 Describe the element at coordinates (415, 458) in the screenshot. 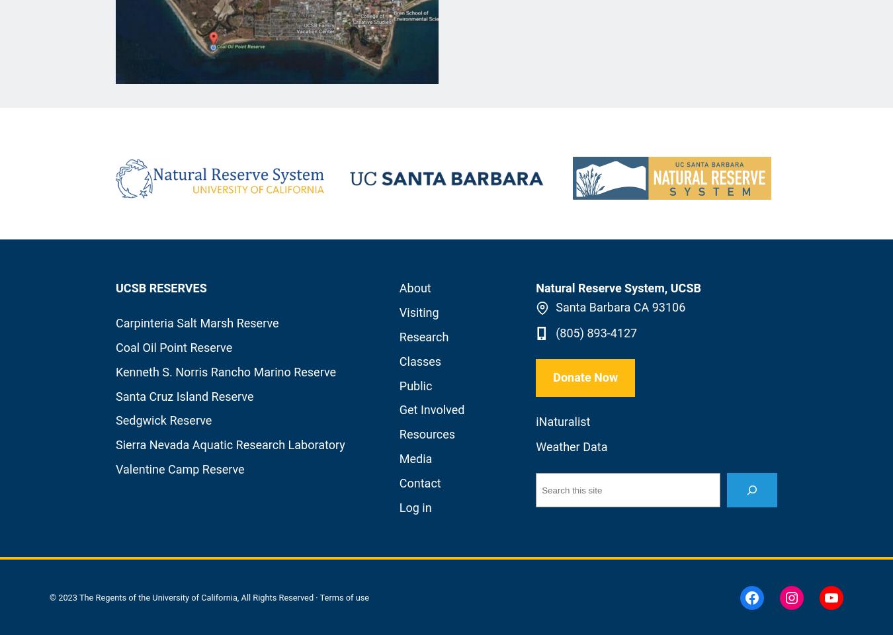

I see `'Media'` at that location.